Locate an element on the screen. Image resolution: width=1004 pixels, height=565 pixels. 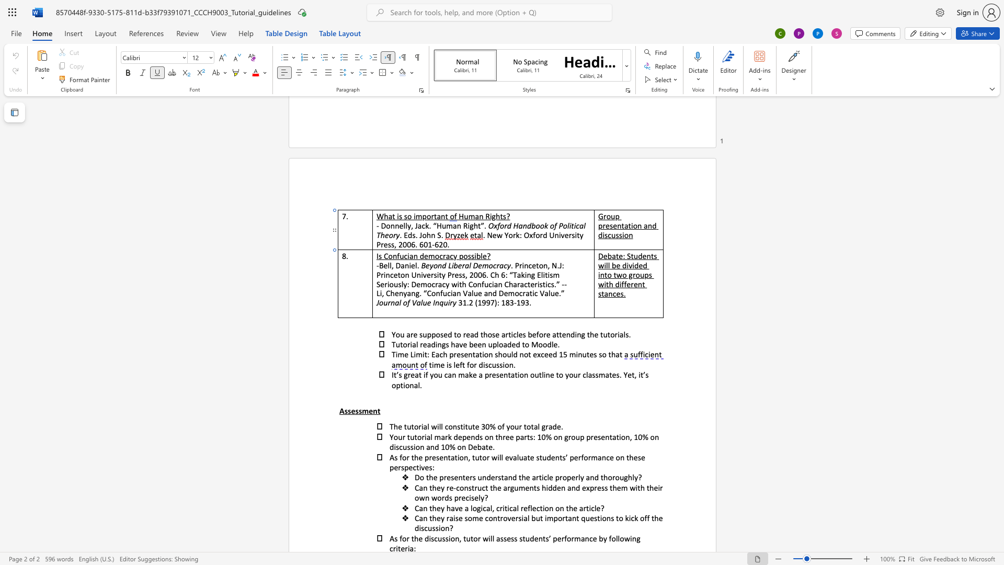
the space between the continuous character "i" and "n" in the text is located at coordinates (438, 344).